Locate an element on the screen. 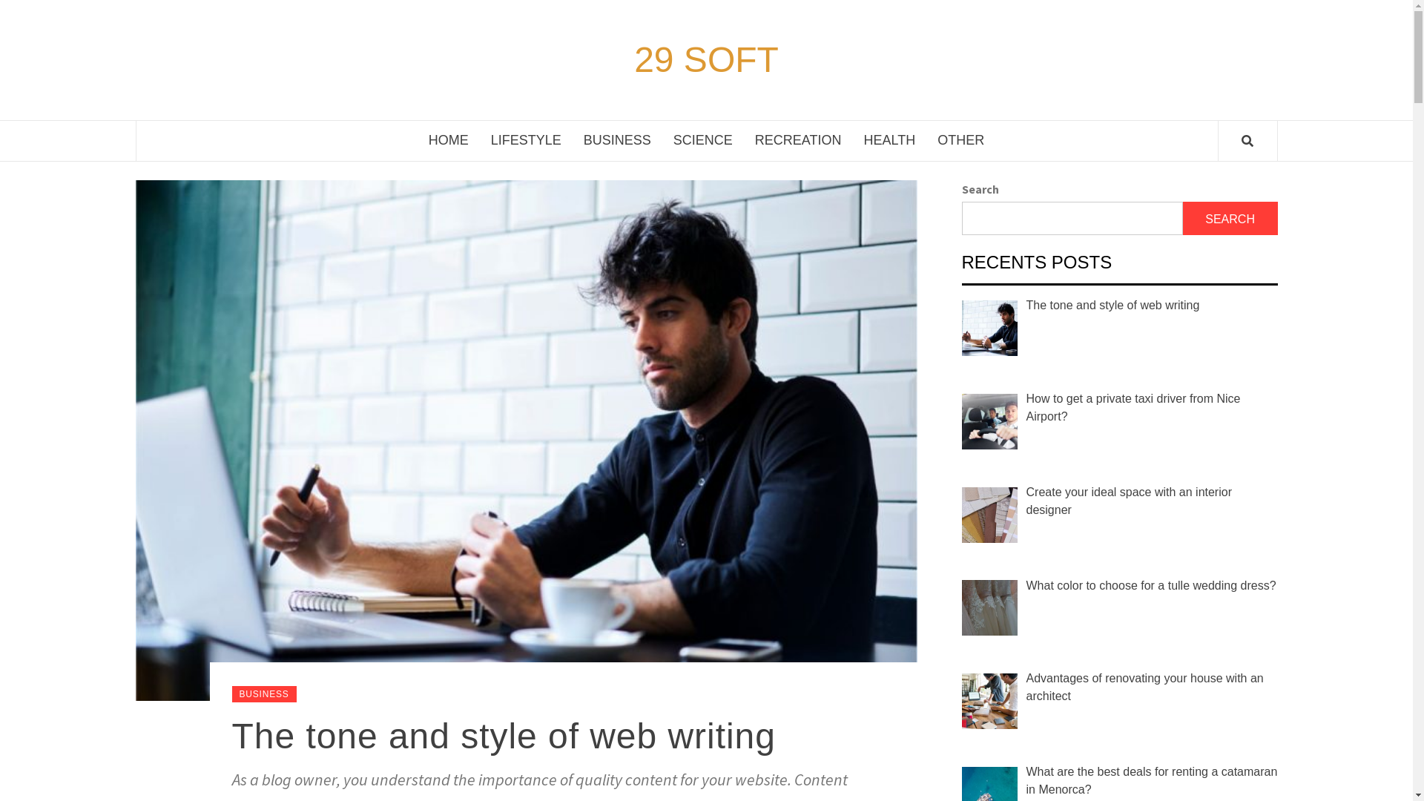 This screenshot has height=801, width=1424. 'The tone and style of web writing' is located at coordinates (1113, 304).